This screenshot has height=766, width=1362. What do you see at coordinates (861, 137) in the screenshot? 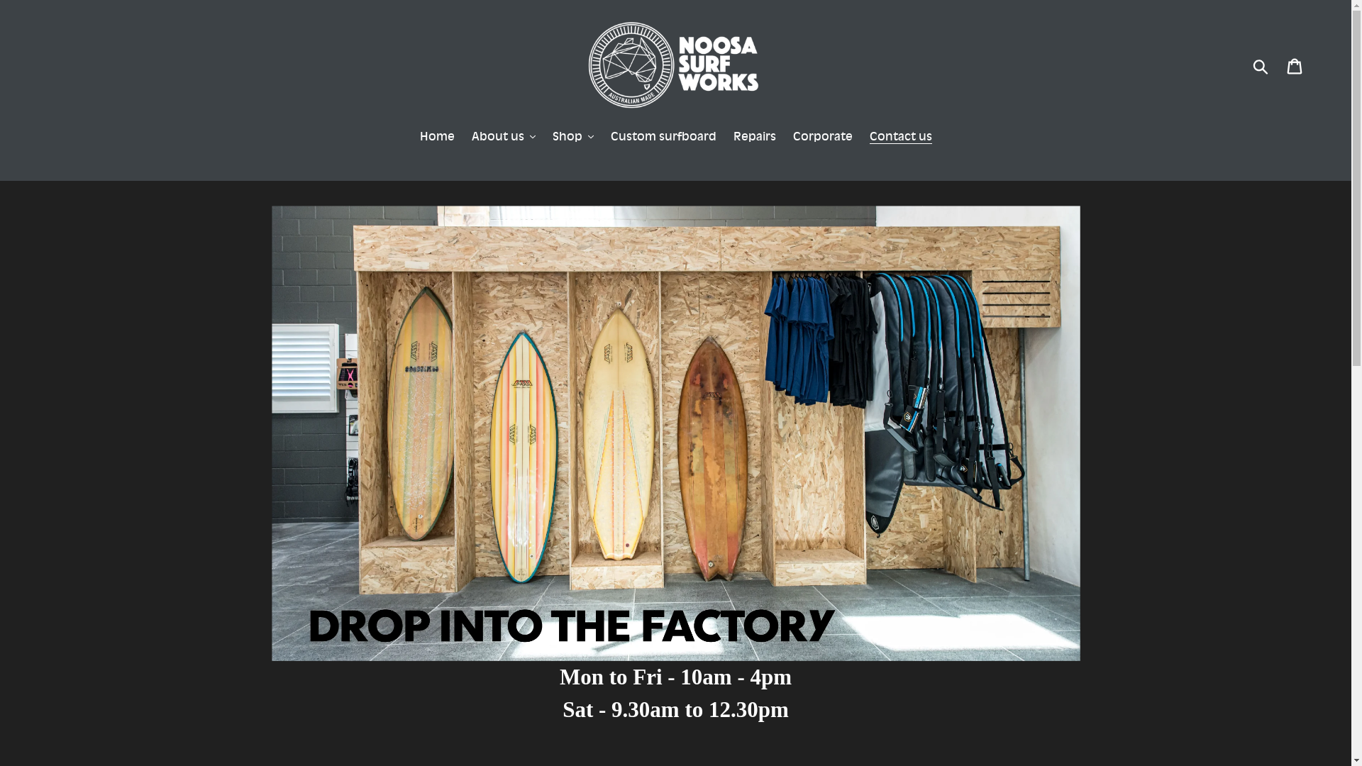
I see `'Contact us'` at bounding box center [861, 137].